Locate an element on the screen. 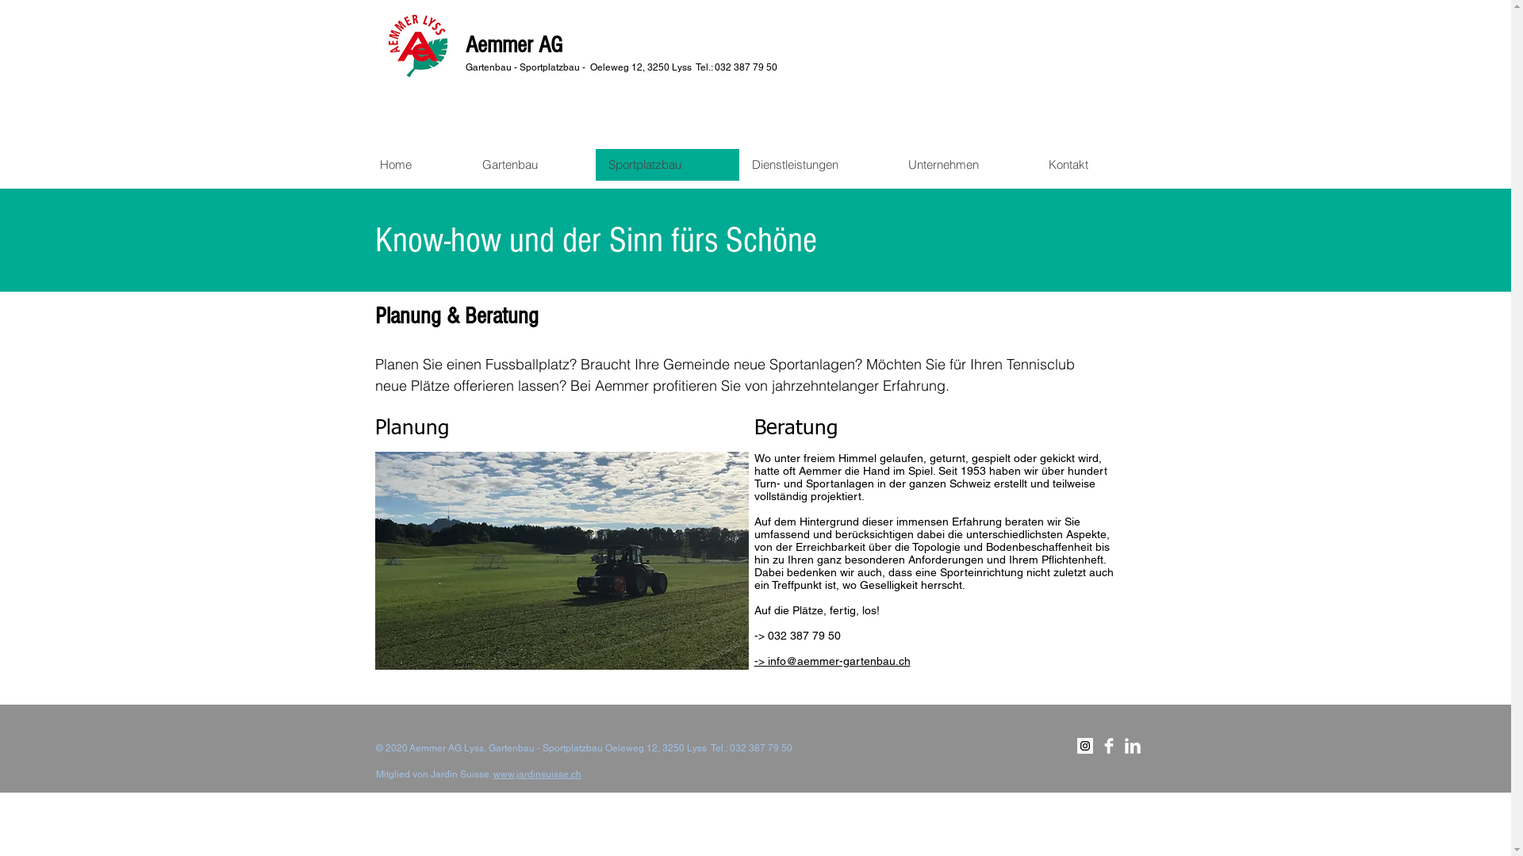  'Gartenbau' is located at coordinates (532, 165).